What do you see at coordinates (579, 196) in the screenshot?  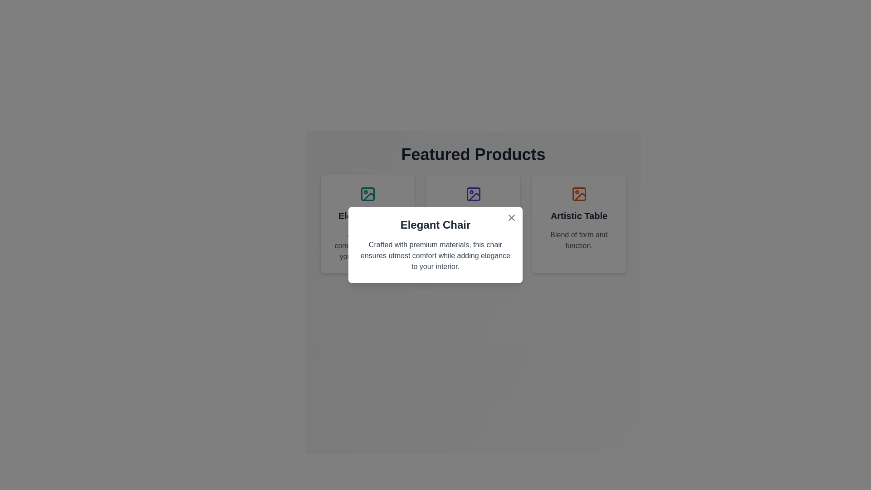 I see `the mountain icon in the third product card of the 'Featured Products' section, which symbolizes the 'Artistic Table' card` at bounding box center [579, 196].